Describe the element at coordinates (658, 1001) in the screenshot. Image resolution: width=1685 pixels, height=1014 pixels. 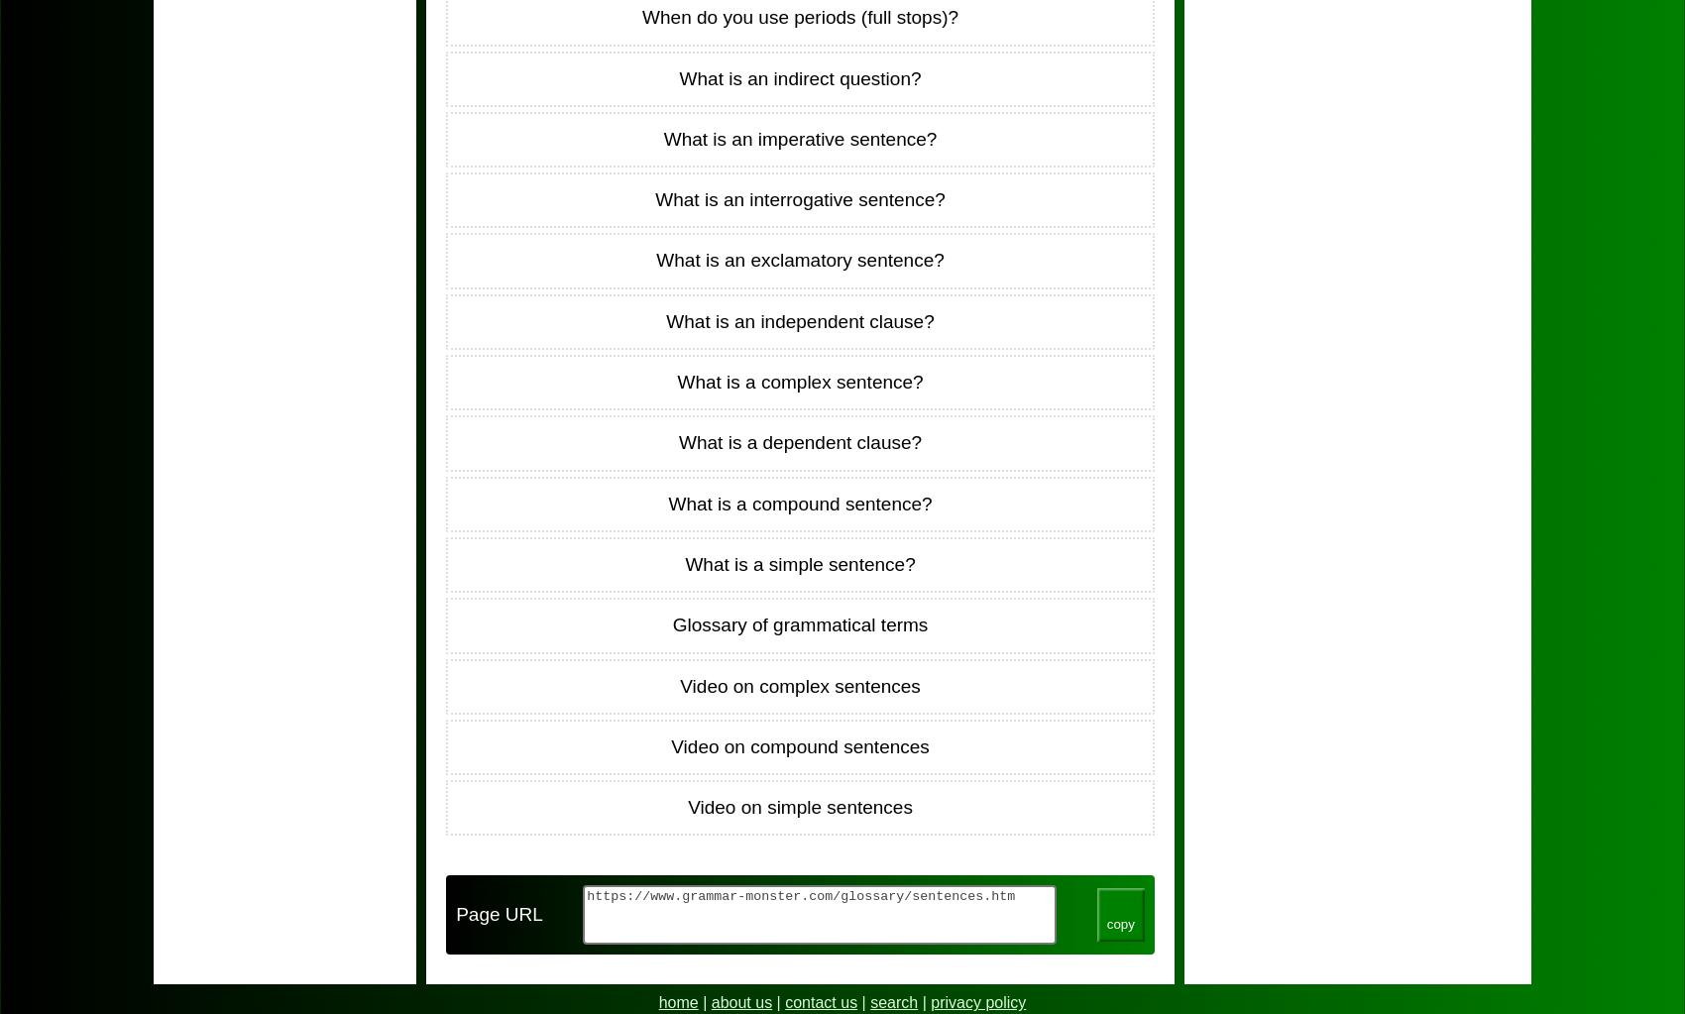
I see `'home'` at that location.